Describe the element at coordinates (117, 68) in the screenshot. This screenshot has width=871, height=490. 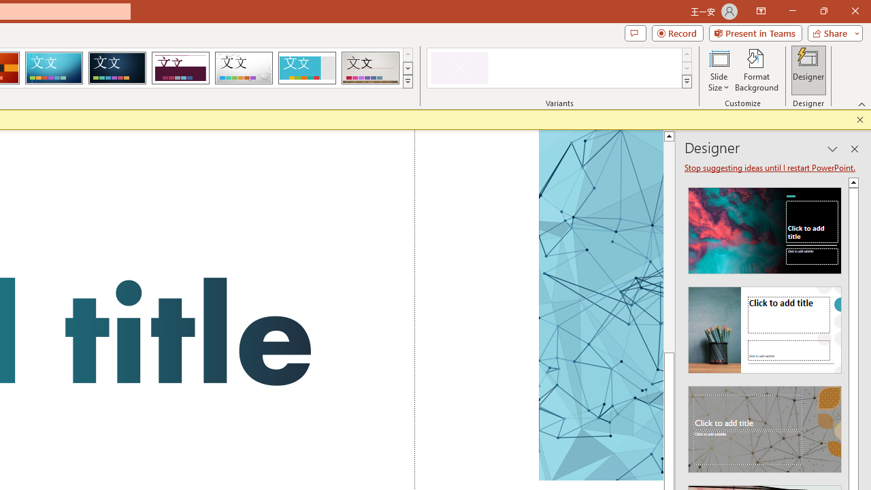
I see `'Damask'` at that location.